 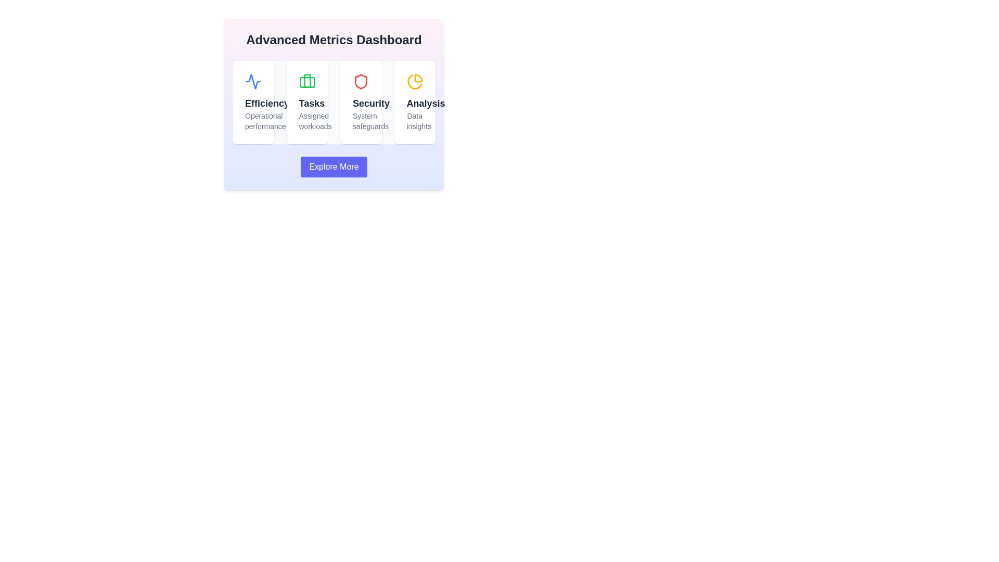 I want to click on the 'Explore More' button with a purple background and rounded corners located under the 'Advanced Metrics Dashboard' section, so click(x=334, y=166).